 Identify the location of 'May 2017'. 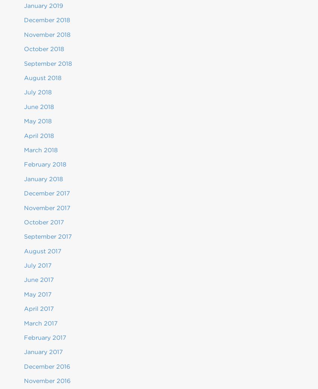
(37, 294).